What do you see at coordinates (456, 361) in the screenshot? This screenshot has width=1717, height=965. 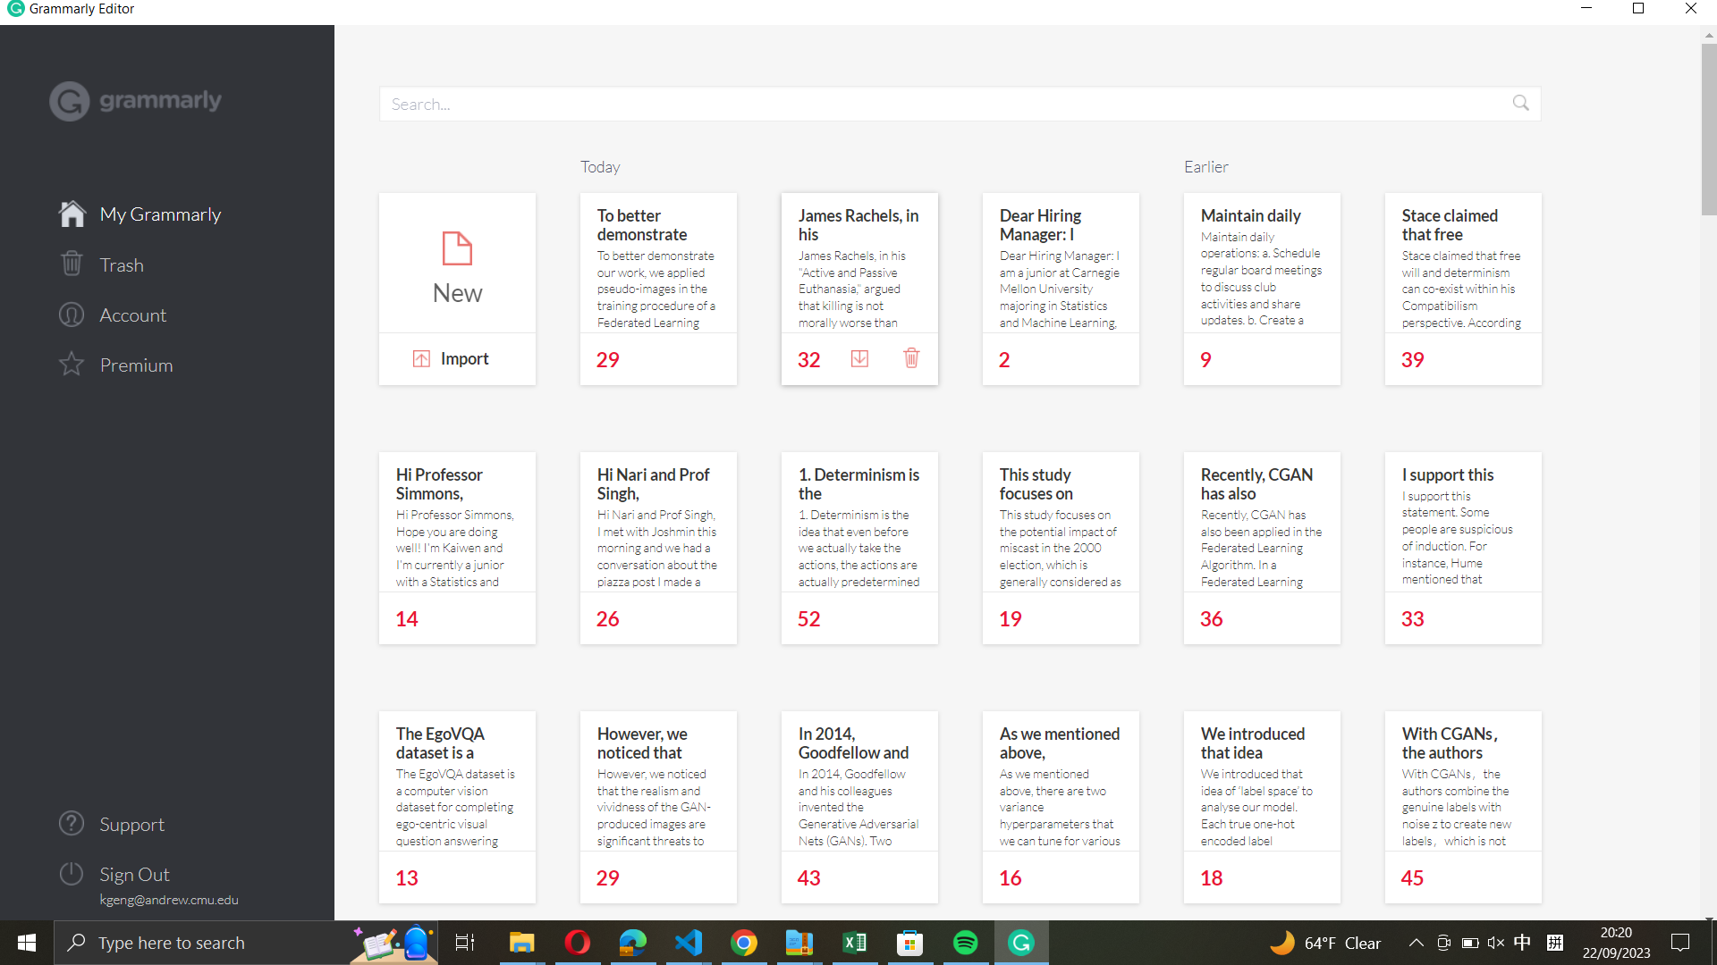 I see `Bring in the necessary document` at bounding box center [456, 361].